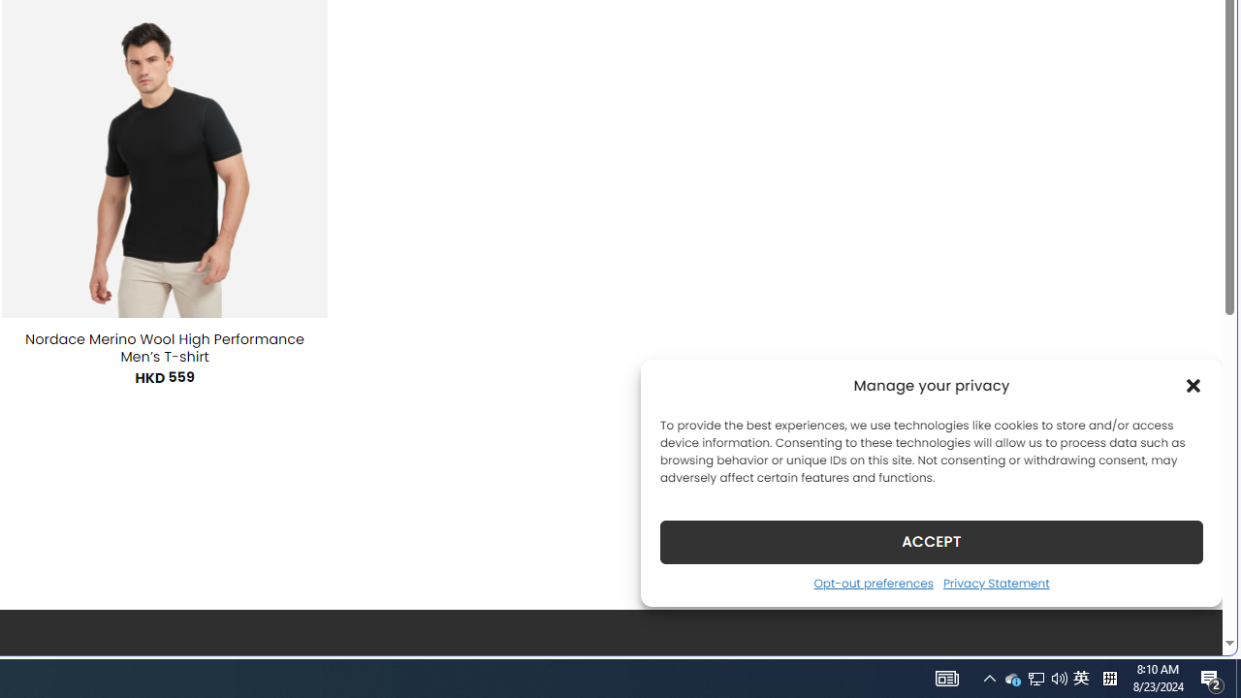 The height and width of the screenshot is (698, 1241). I want to click on 'Go to top', so click(1182, 628).